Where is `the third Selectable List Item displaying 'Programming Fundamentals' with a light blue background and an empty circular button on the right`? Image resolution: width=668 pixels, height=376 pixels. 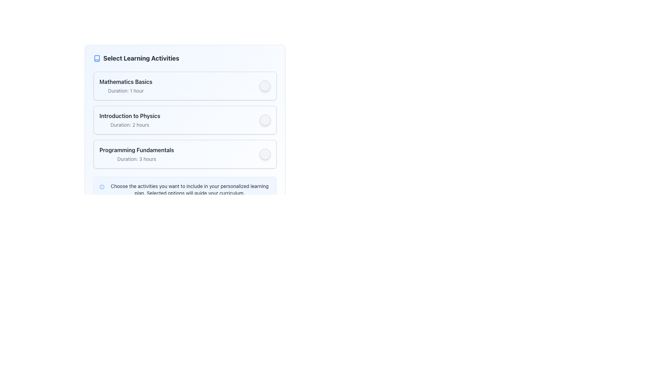 the third Selectable List Item displaying 'Programming Fundamentals' with a light blue background and an empty circular button on the right is located at coordinates (185, 154).